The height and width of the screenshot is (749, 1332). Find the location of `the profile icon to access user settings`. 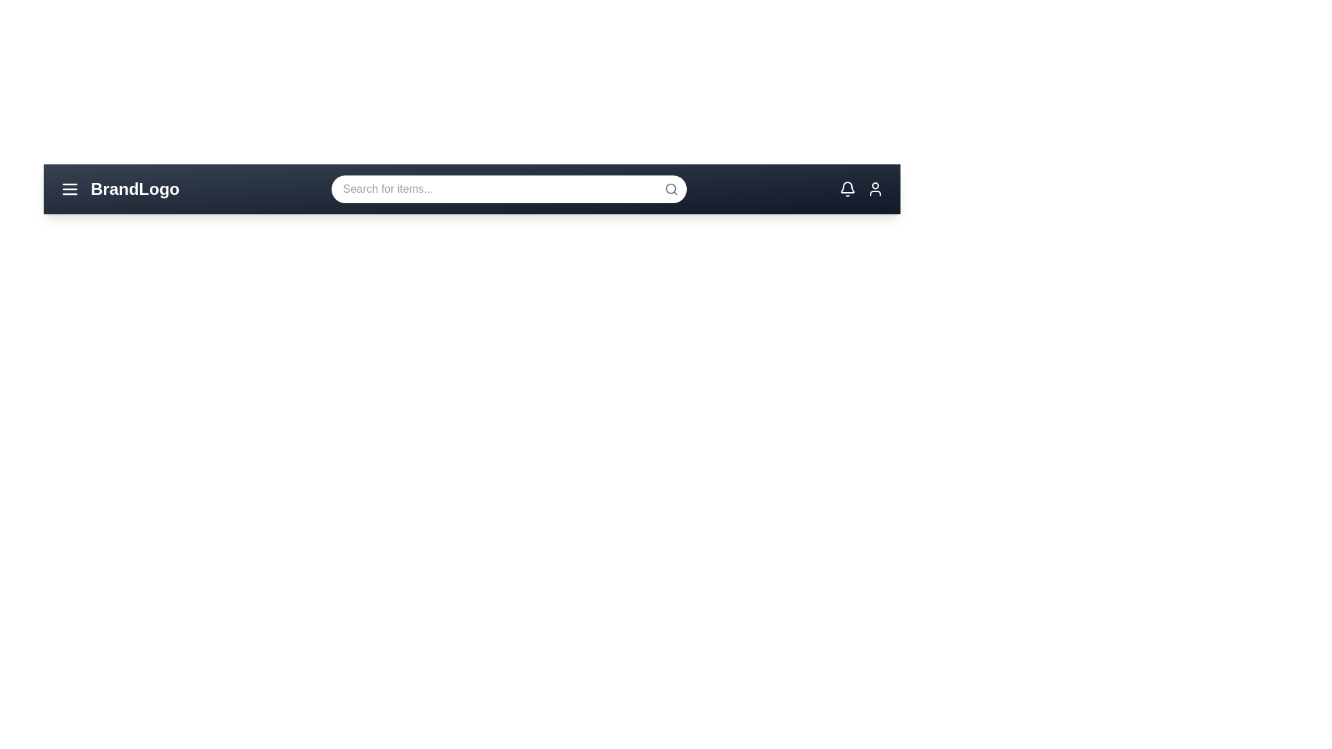

the profile icon to access user settings is located at coordinates (875, 189).